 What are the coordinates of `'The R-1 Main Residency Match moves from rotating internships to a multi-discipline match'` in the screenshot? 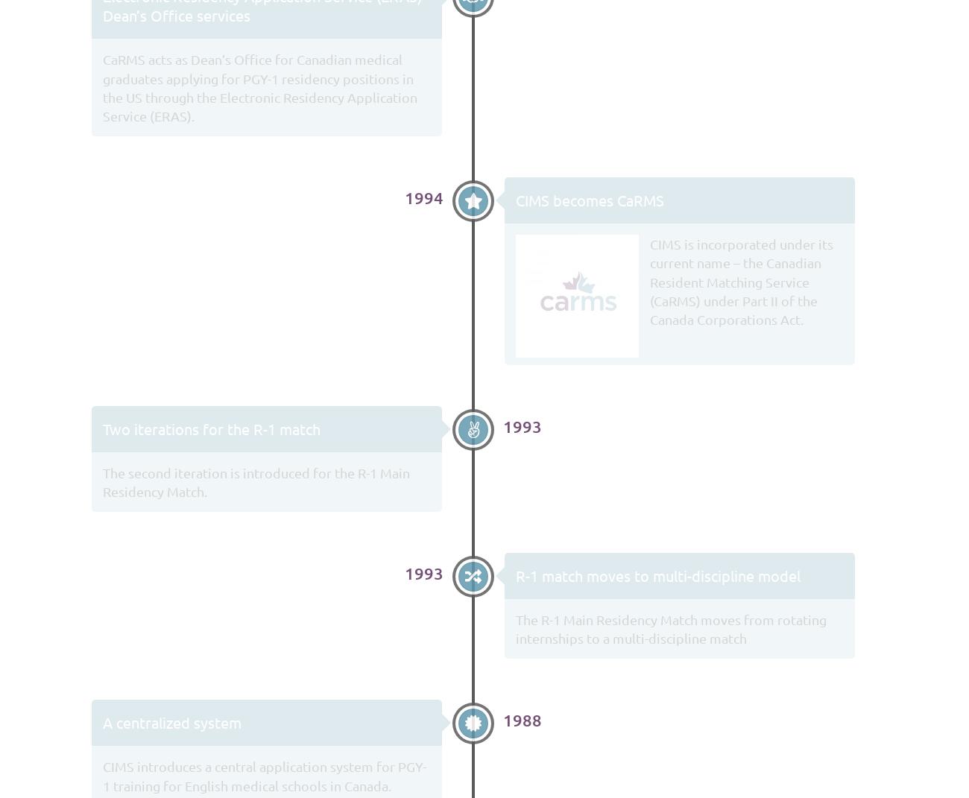 It's located at (670, 628).